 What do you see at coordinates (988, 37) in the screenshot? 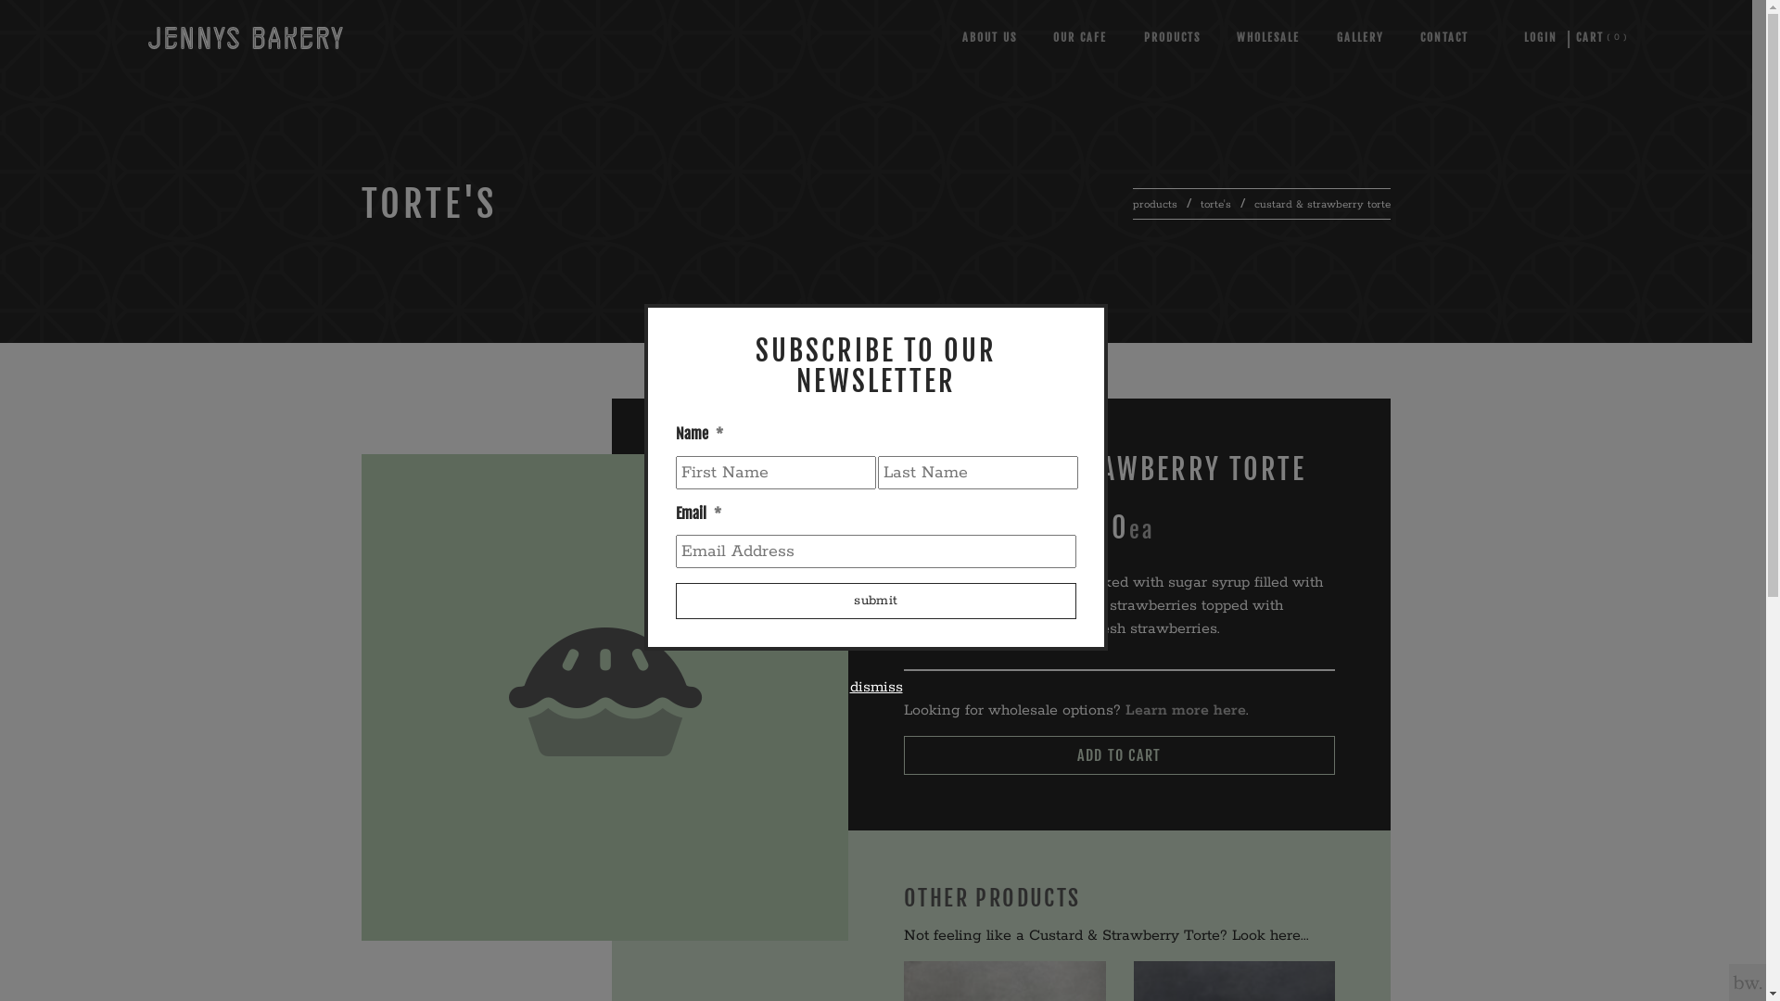
I see `'ABOUT US'` at bounding box center [988, 37].